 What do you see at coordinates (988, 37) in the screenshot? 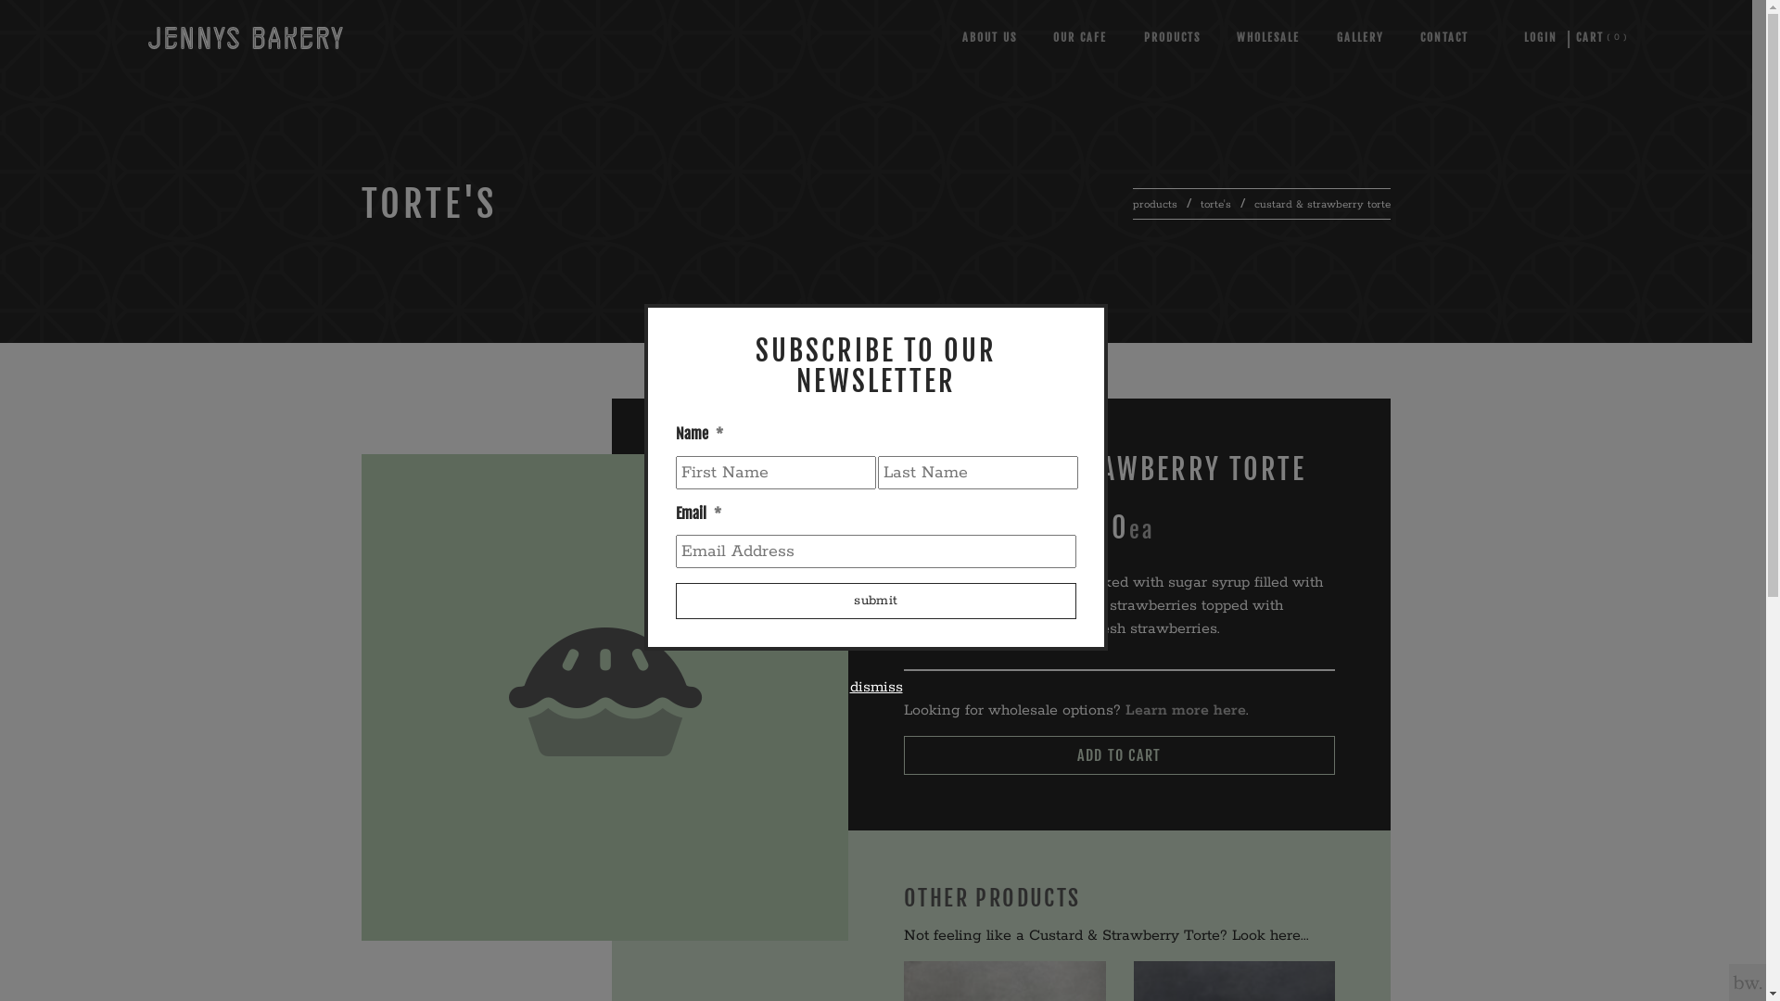
I see `'ABOUT US'` at bounding box center [988, 37].